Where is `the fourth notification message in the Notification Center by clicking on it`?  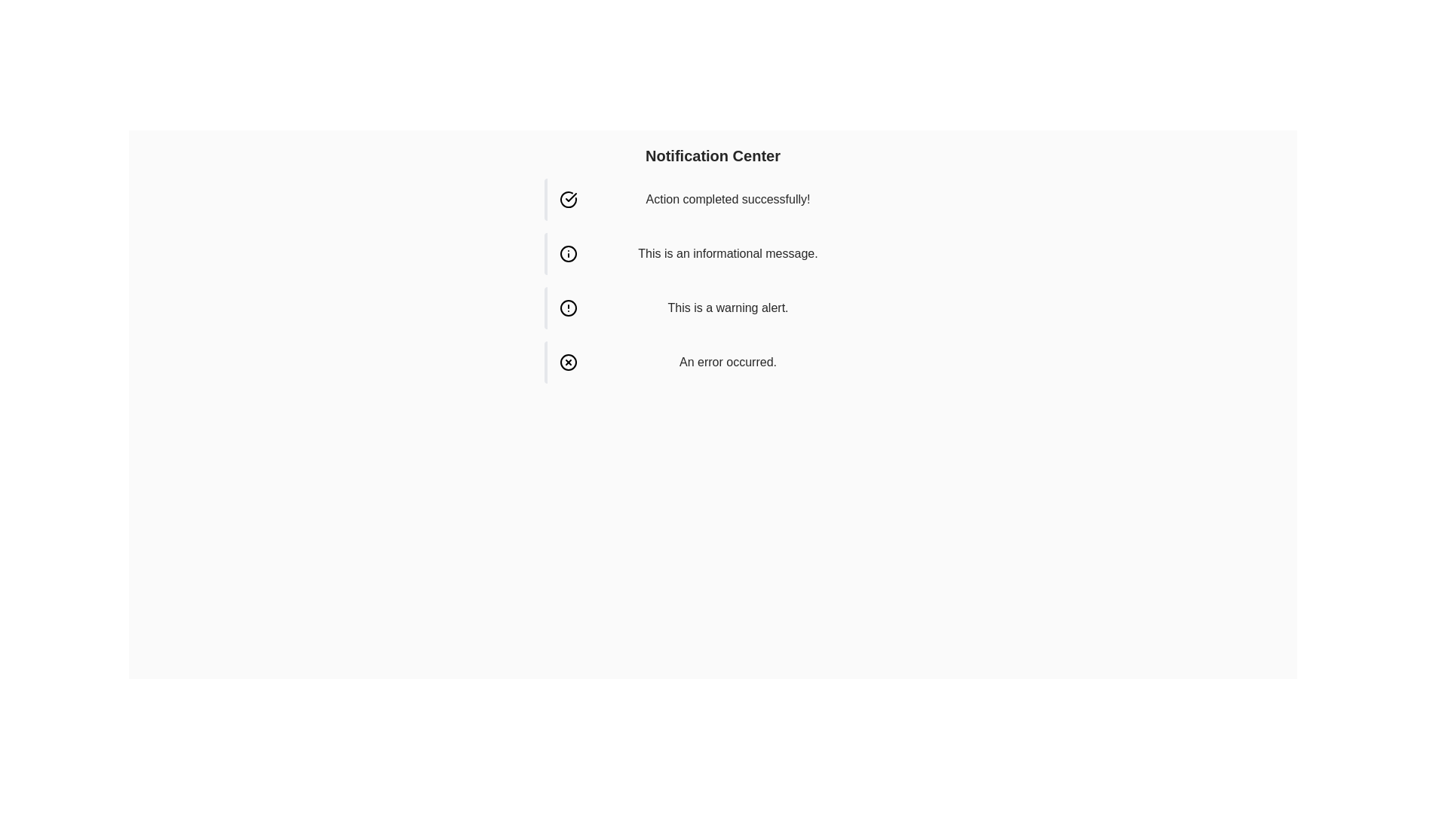 the fourth notification message in the Notification Center by clicking on it is located at coordinates (712, 363).